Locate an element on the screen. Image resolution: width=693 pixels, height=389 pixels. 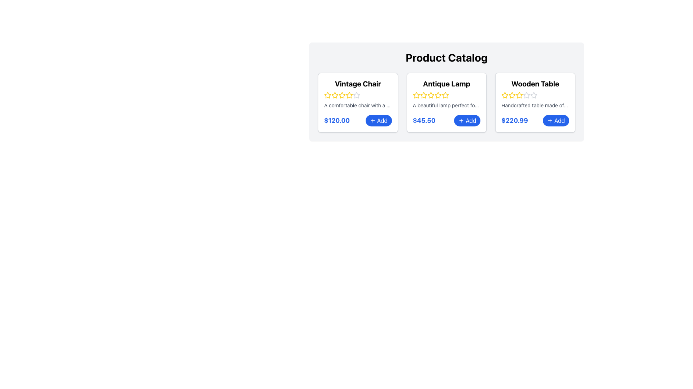
the fifth star icon indicating an empty rating for the product 'Vintage Chair', which visually represents the rating level in the overall rating system is located at coordinates (357, 95).